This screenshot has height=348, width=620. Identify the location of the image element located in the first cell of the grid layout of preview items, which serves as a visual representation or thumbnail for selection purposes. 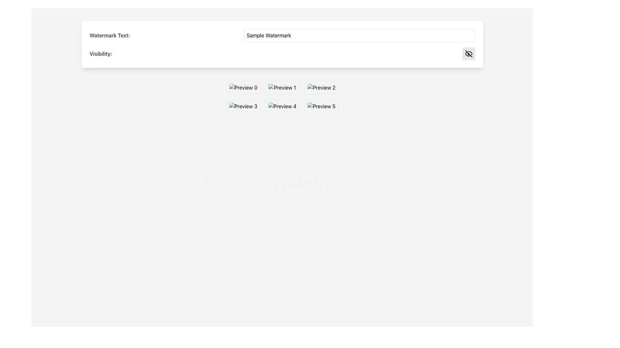
(243, 88).